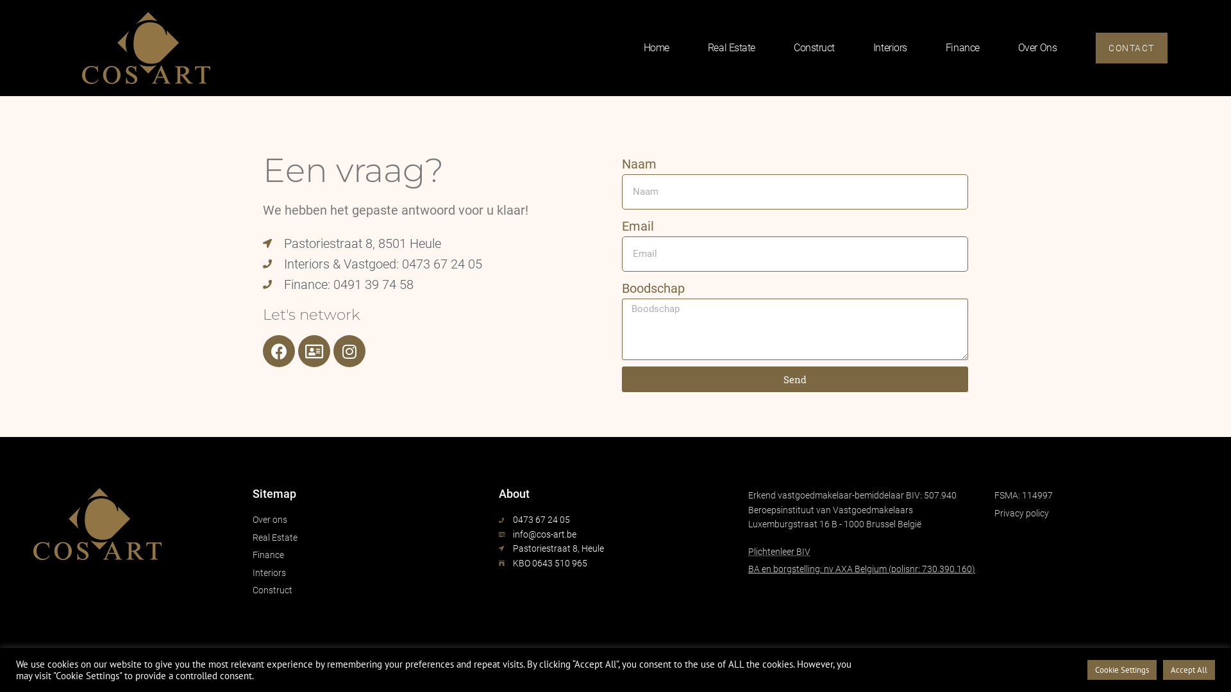 This screenshot has height=692, width=1231. Describe the element at coordinates (498, 548) in the screenshot. I see `'Pastoriestraat 8, Heule'` at that location.